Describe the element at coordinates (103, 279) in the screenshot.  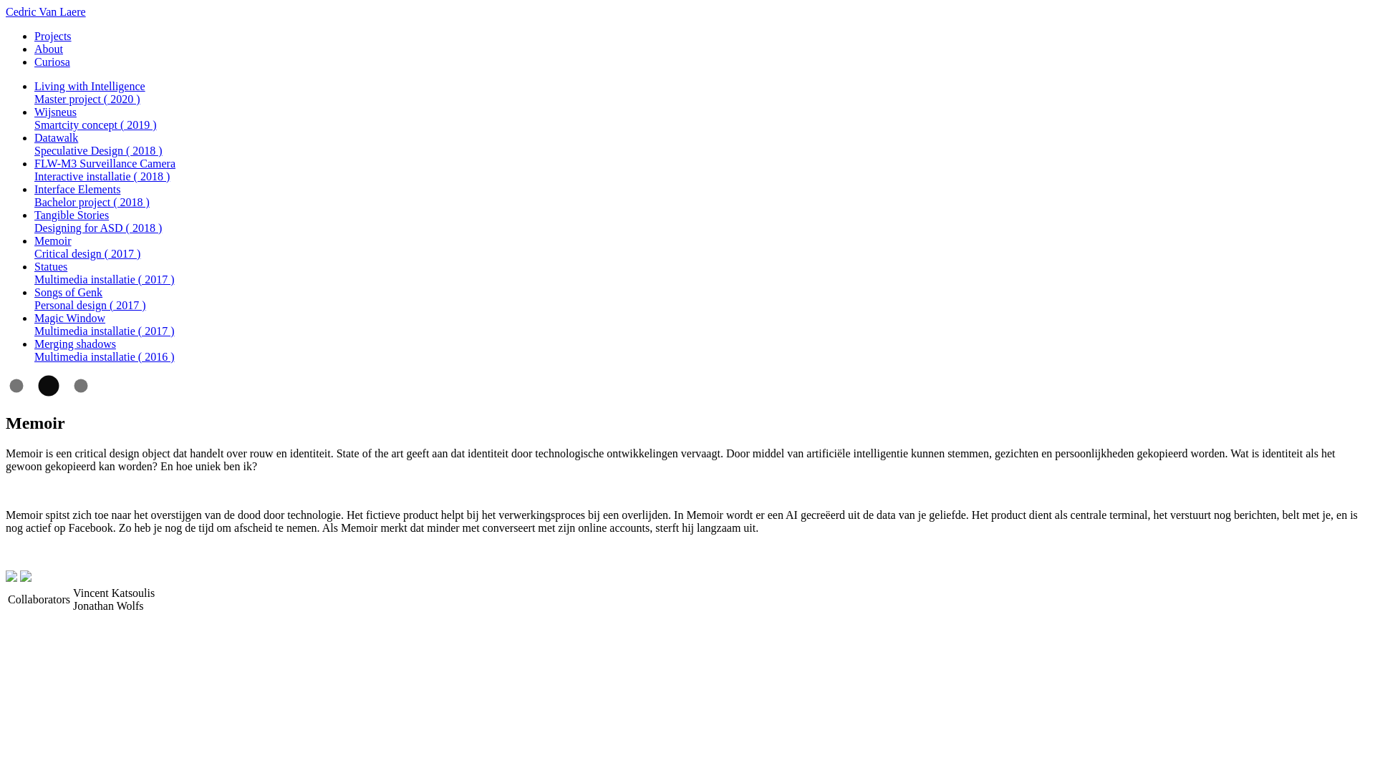
I see `'Multimedia installatie ( 2017 )'` at that location.